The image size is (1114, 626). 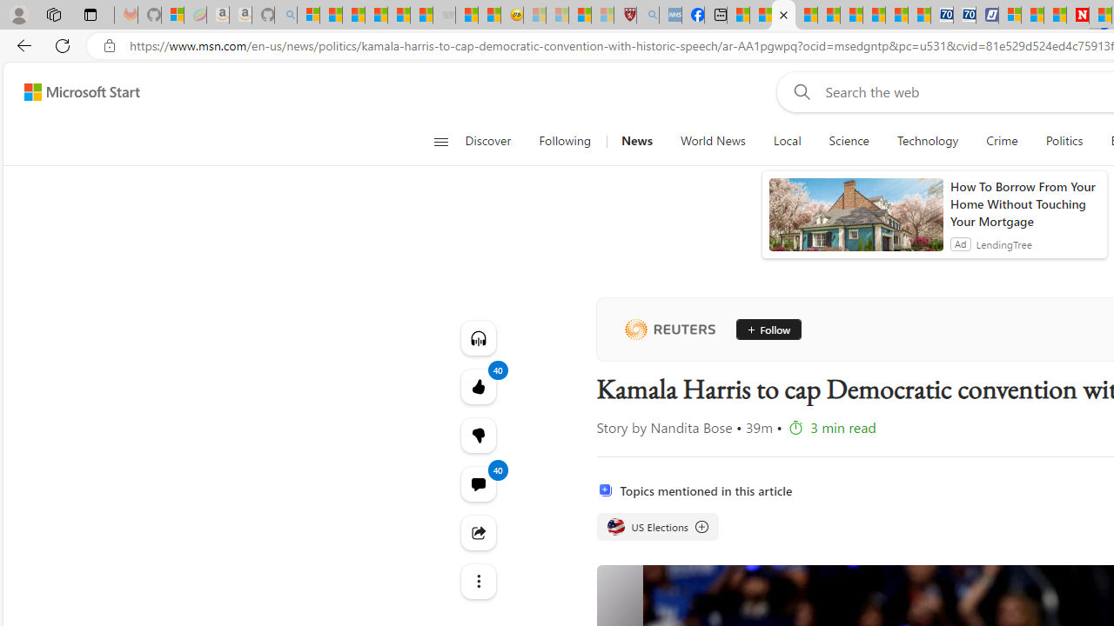 I want to click on 'US Elections US Elections US Elections', so click(x=656, y=525).